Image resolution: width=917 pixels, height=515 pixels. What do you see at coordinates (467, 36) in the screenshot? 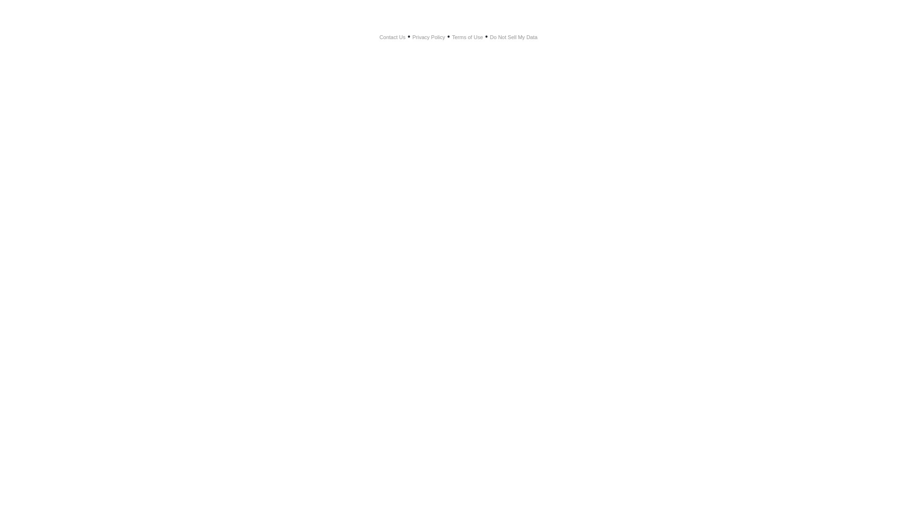
I see `'Terms of Use'` at bounding box center [467, 36].